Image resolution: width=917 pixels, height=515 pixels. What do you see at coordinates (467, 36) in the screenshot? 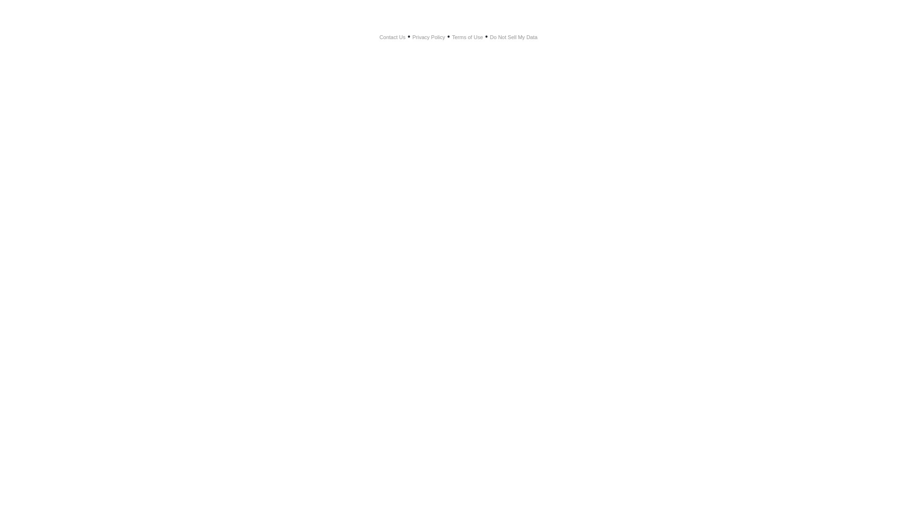
I see `'Terms of Use'` at bounding box center [467, 36].